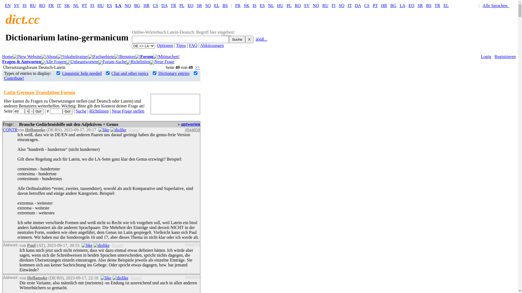 The width and height of the screenshot is (522, 293). What do you see at coordinates (99, 111) in the screenshot?
I see `'Richtlinien'` at bounding box center [99, 111].